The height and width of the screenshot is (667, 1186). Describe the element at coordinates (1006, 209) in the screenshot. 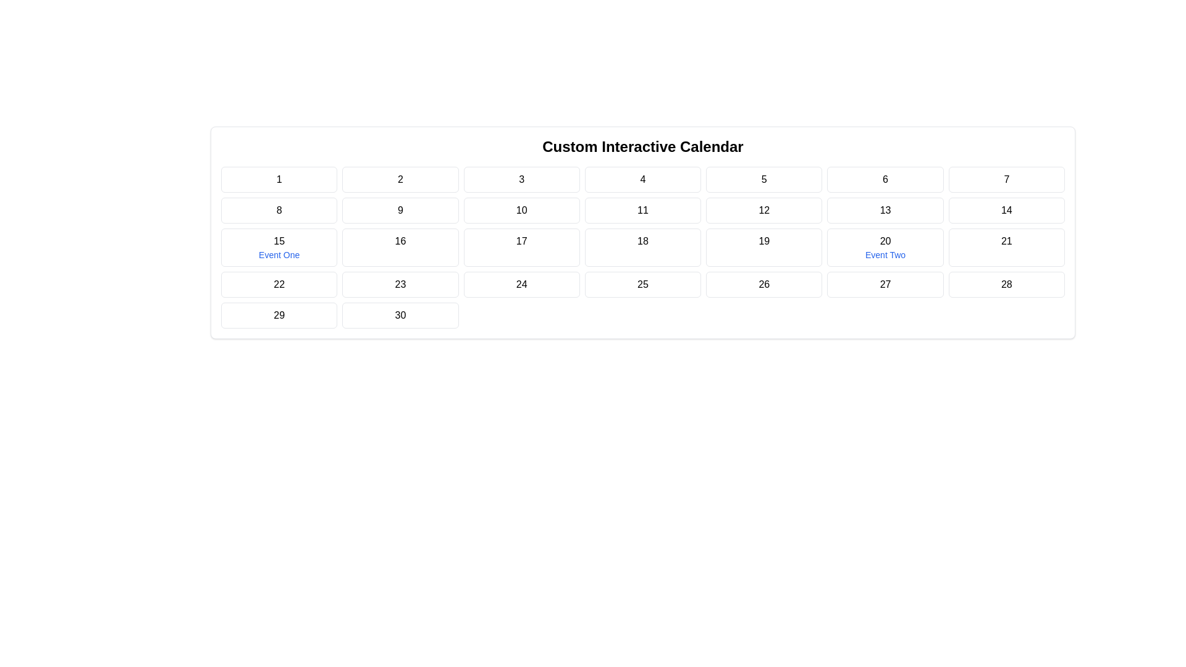

I see `the Text label displaying the number '14' in the second row, seventh column of the calendar grid` at that location.